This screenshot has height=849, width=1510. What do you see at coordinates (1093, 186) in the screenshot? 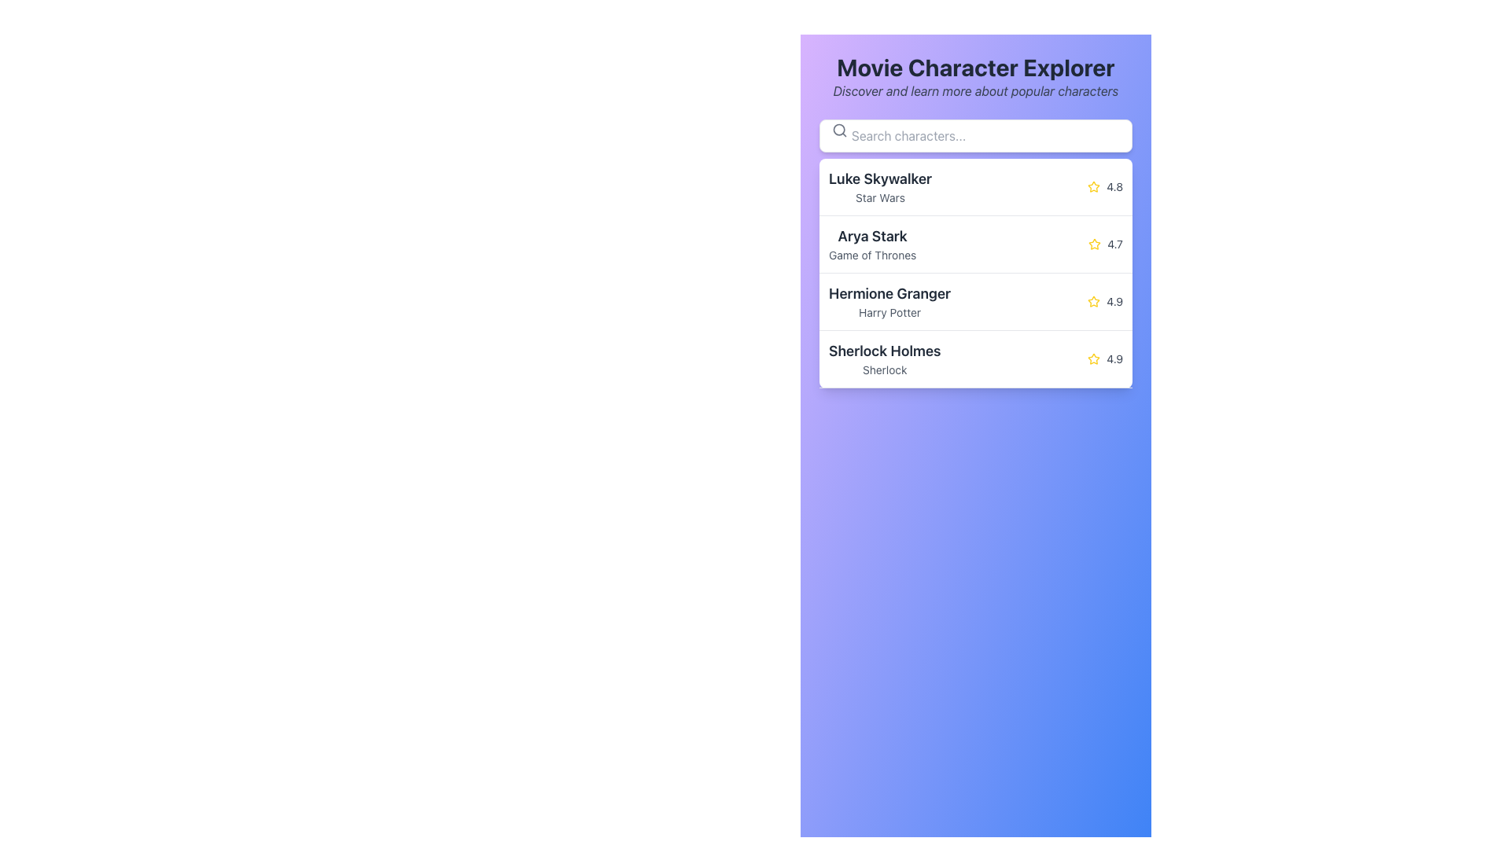
I see `the rating indicator icon located to the left of the text '4.8' in the first list item for 'Luke Skywalker'` at bounding box center [1093, 186].